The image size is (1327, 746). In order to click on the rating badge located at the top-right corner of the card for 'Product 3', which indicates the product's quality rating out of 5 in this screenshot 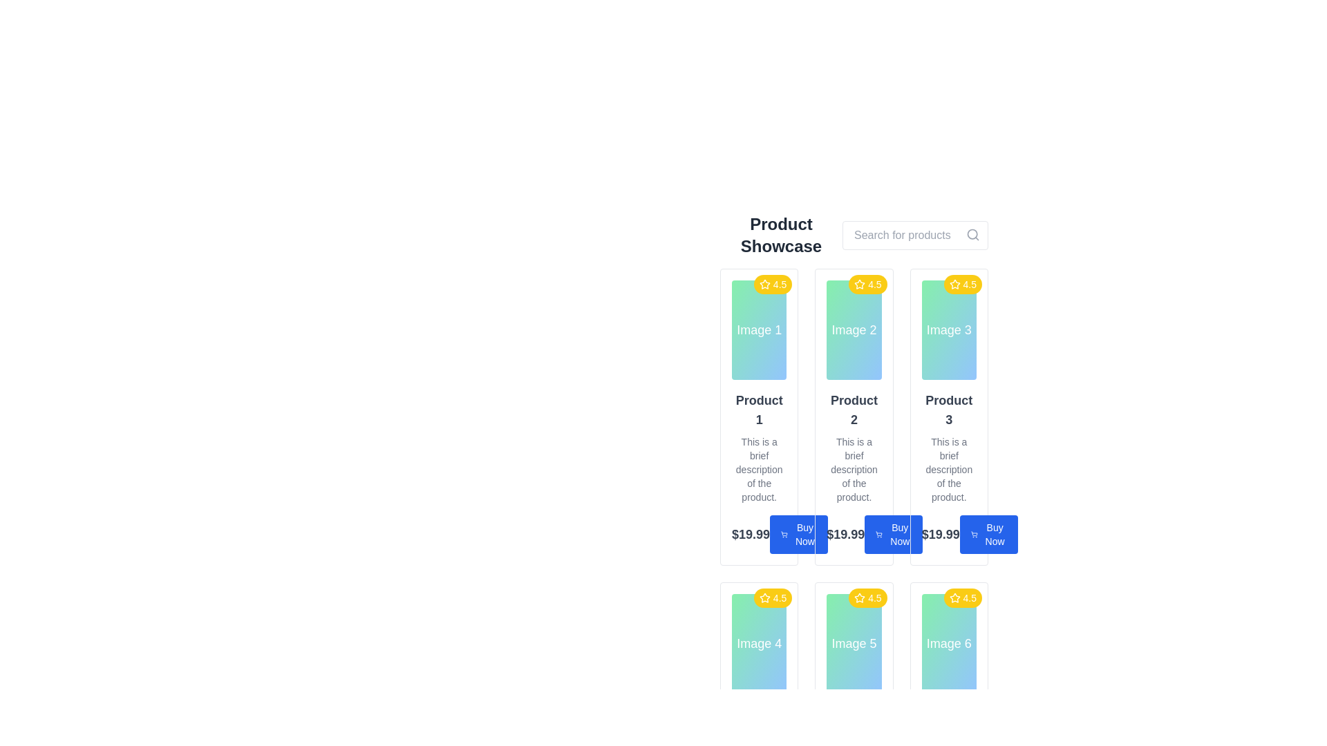, I will do `click(962, 284)`.